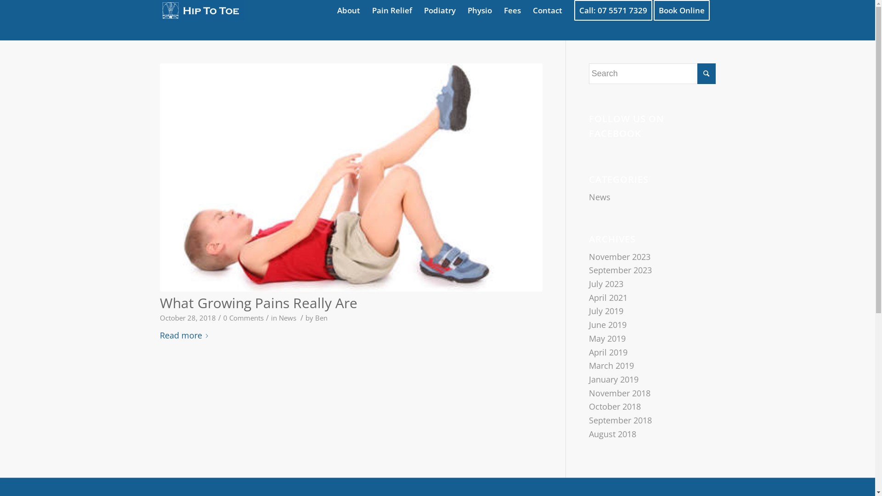 The width and height of the screenshot is (882, 496). I want to click on 'Physio', so click(479, 10).